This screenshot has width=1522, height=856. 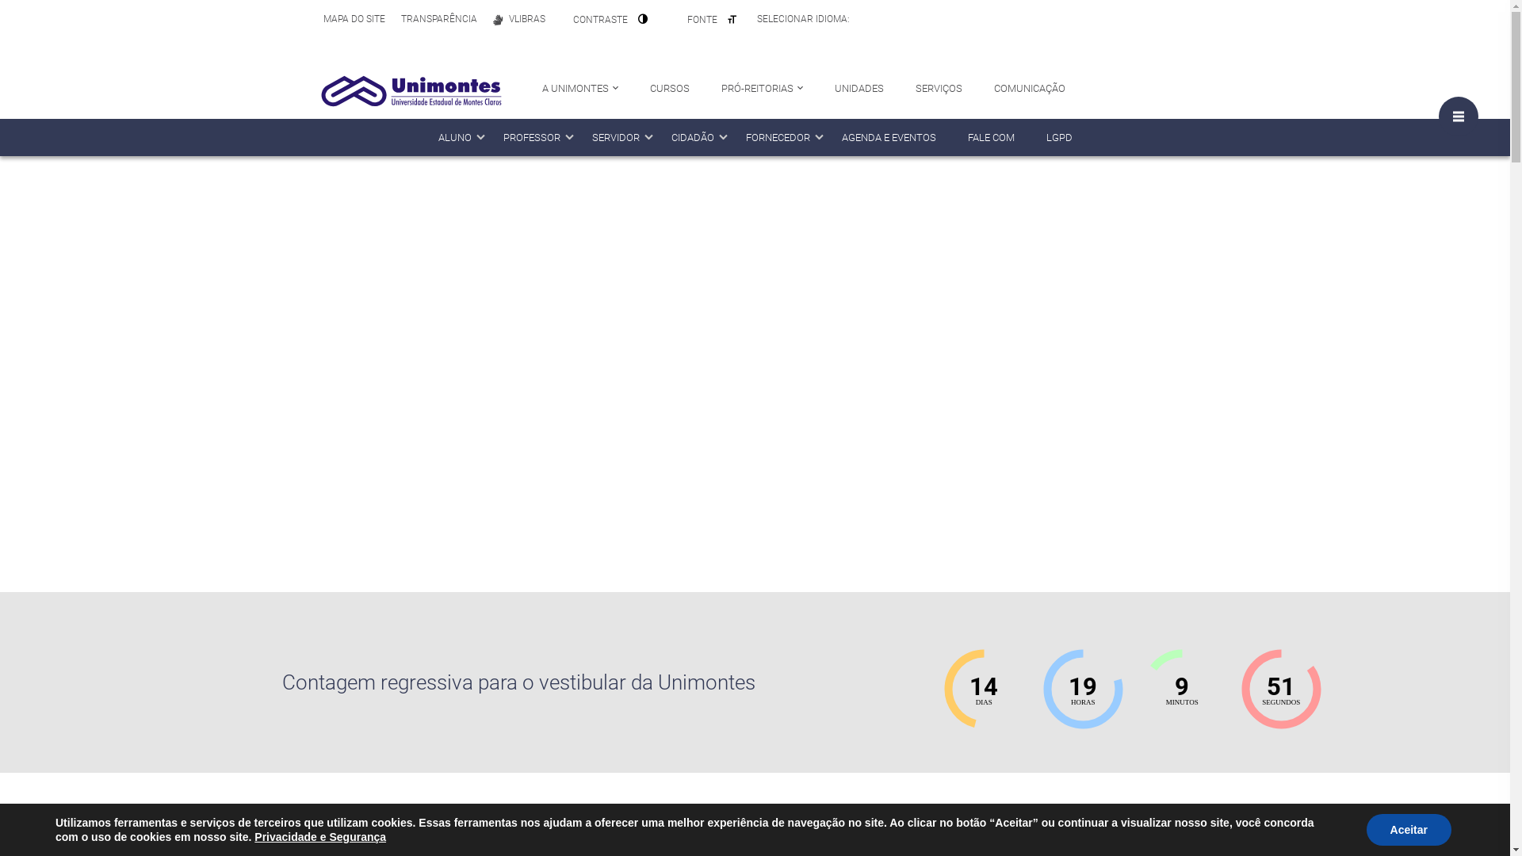 What do you see at coordinates (777, 136) in the screenshot?
I see `'FORNECEDOR'` at bounding box center [777, 136].